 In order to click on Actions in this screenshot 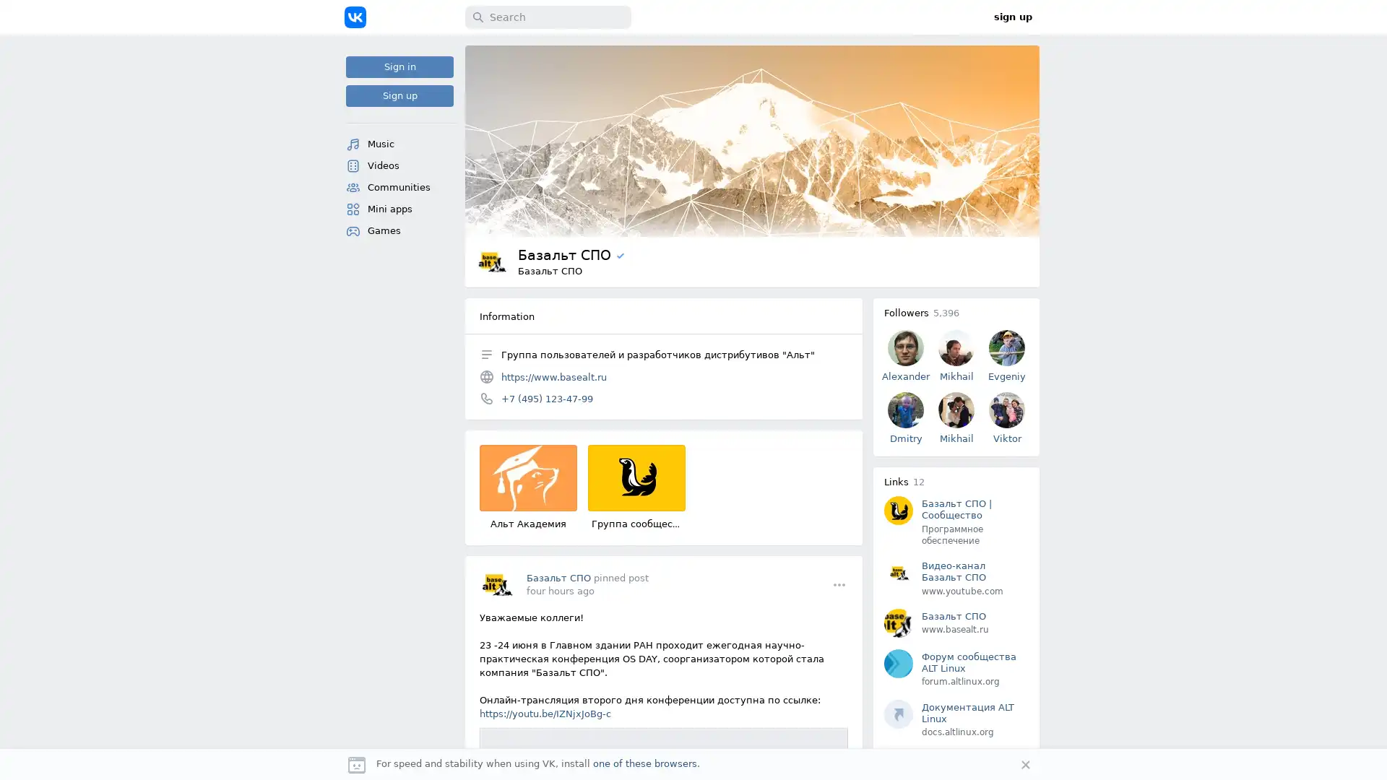, I will do `click(839, 584)`.